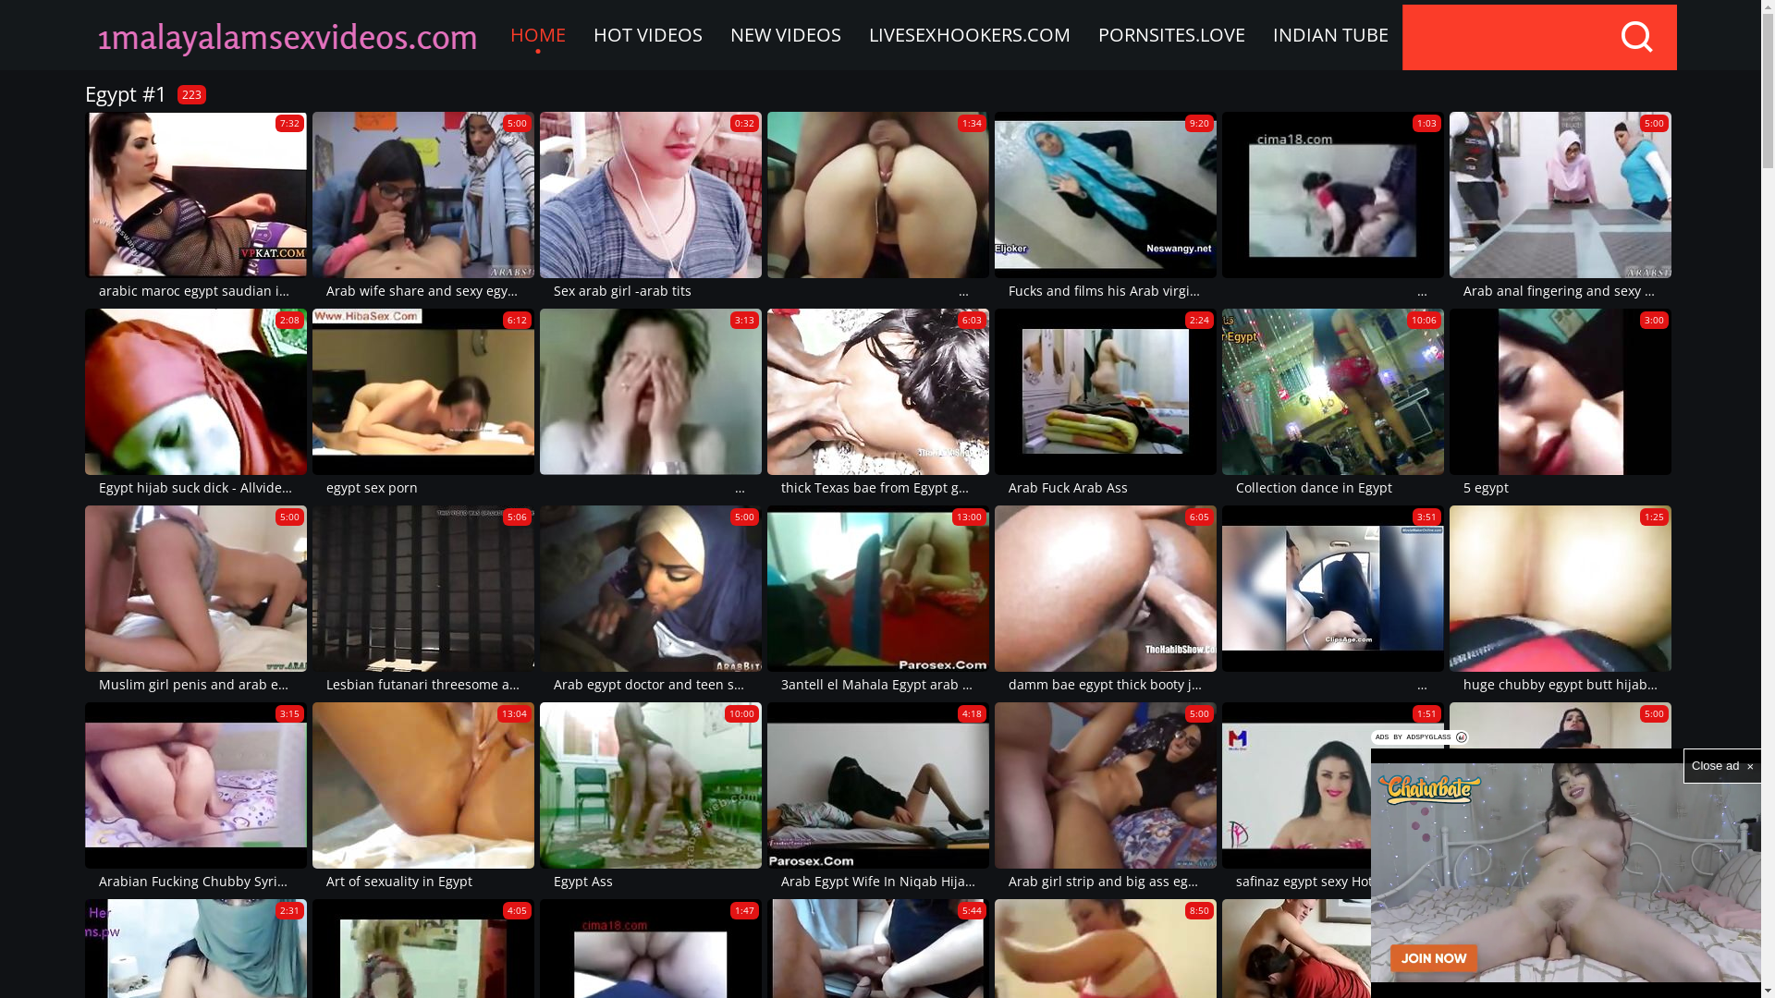  What do you see at coordinates (647, 35) in the screenshot?
I see `'HOT VIDEOS'` at bounding box center [647, 35].